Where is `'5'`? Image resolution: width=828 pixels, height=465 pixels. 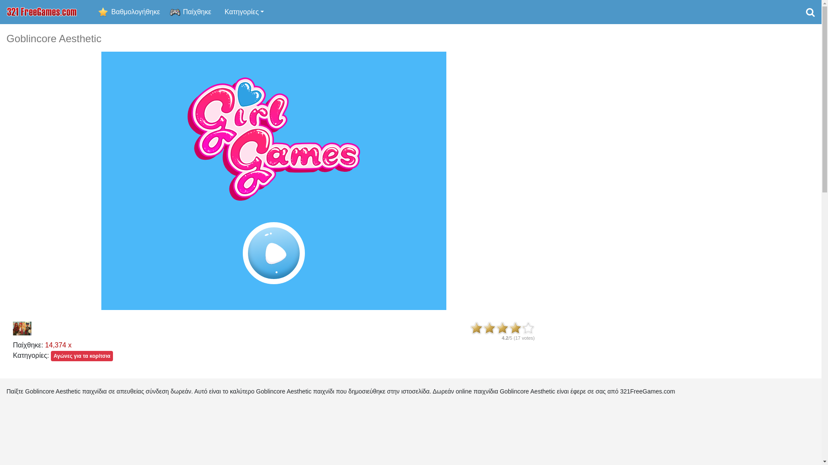
'5' is located at coordinates (527, 328).